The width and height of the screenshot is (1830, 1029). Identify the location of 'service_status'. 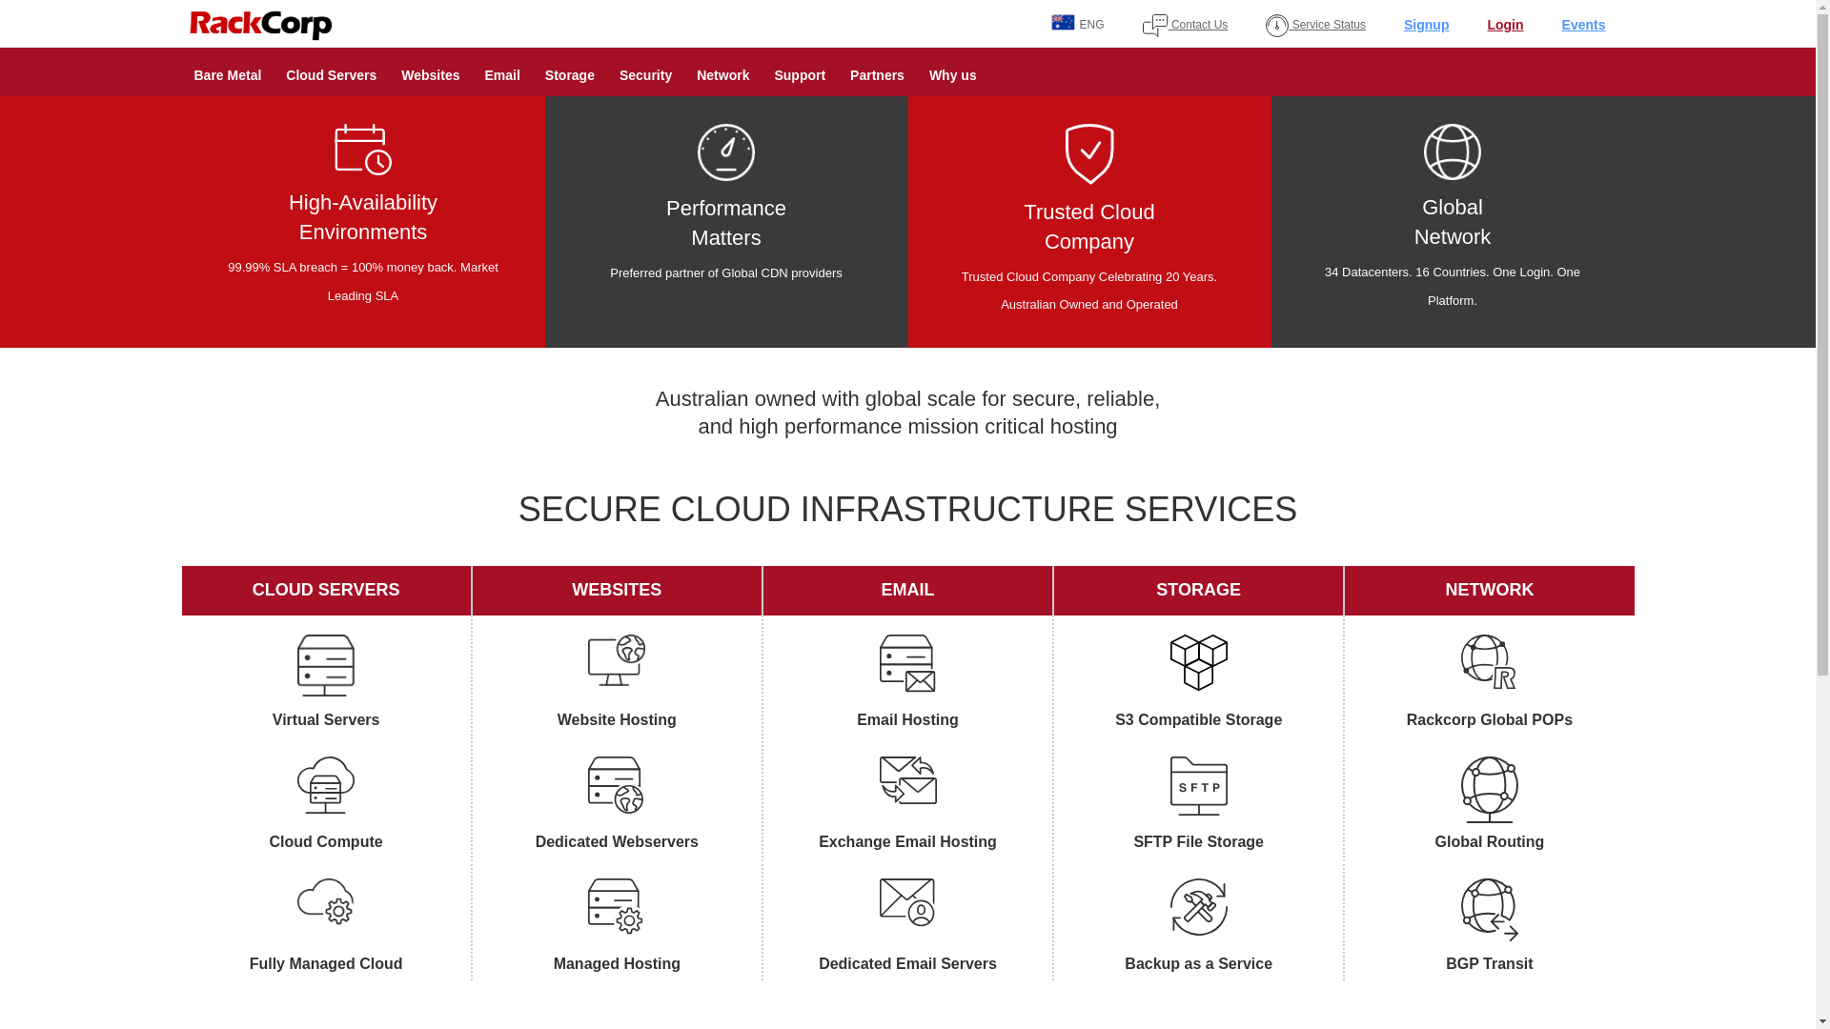
(1276, 26).